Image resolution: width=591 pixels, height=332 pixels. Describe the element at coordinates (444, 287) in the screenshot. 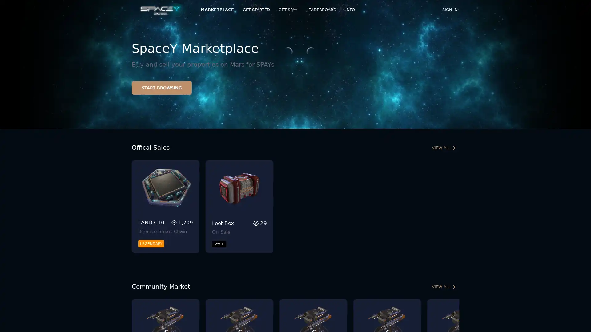

I see `VIEW ALL` at that location.